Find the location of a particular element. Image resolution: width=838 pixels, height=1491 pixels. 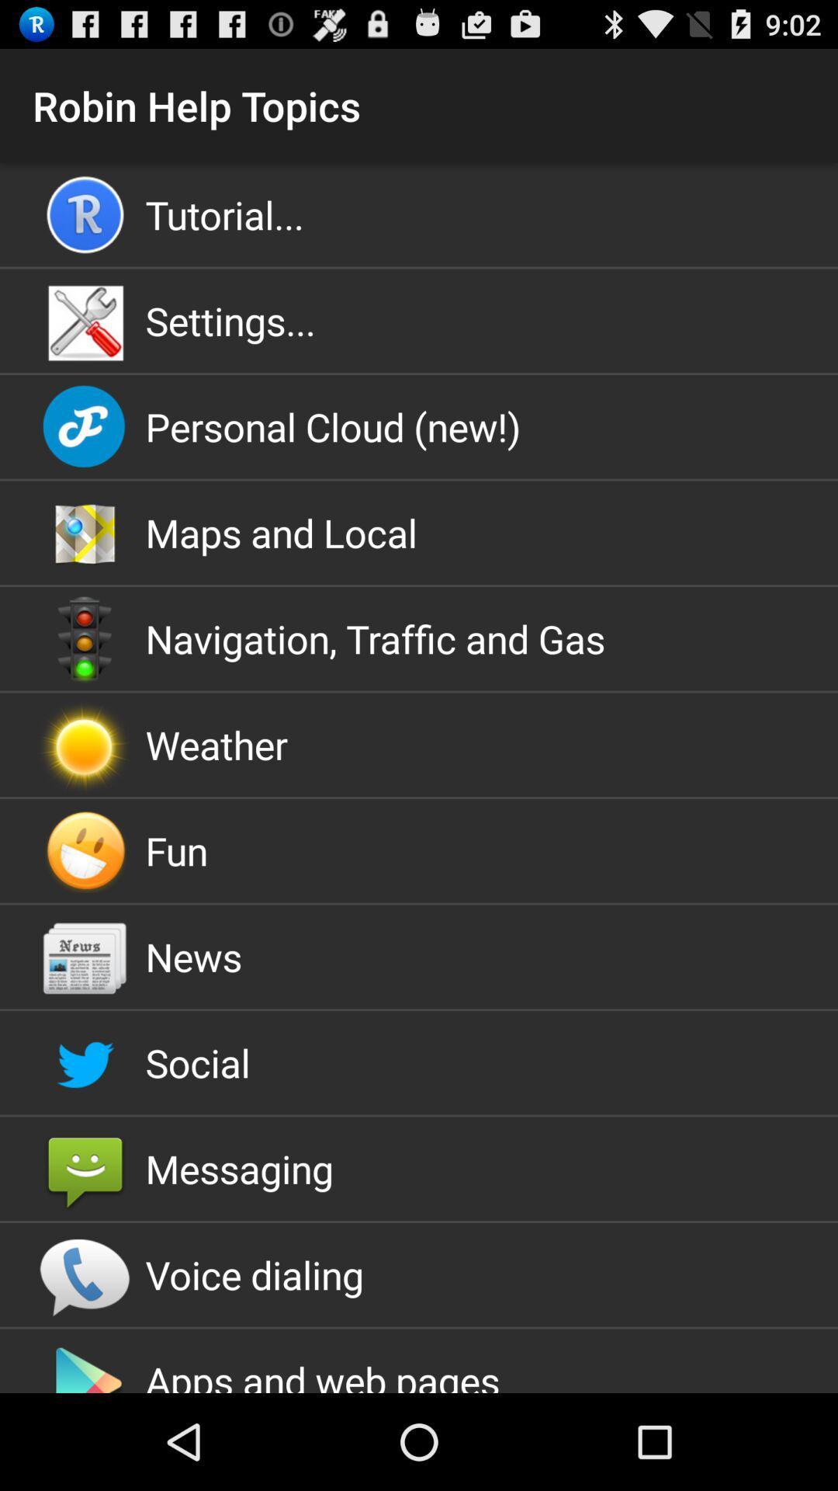

the item above  settings... is located at coordinates (419, 214).